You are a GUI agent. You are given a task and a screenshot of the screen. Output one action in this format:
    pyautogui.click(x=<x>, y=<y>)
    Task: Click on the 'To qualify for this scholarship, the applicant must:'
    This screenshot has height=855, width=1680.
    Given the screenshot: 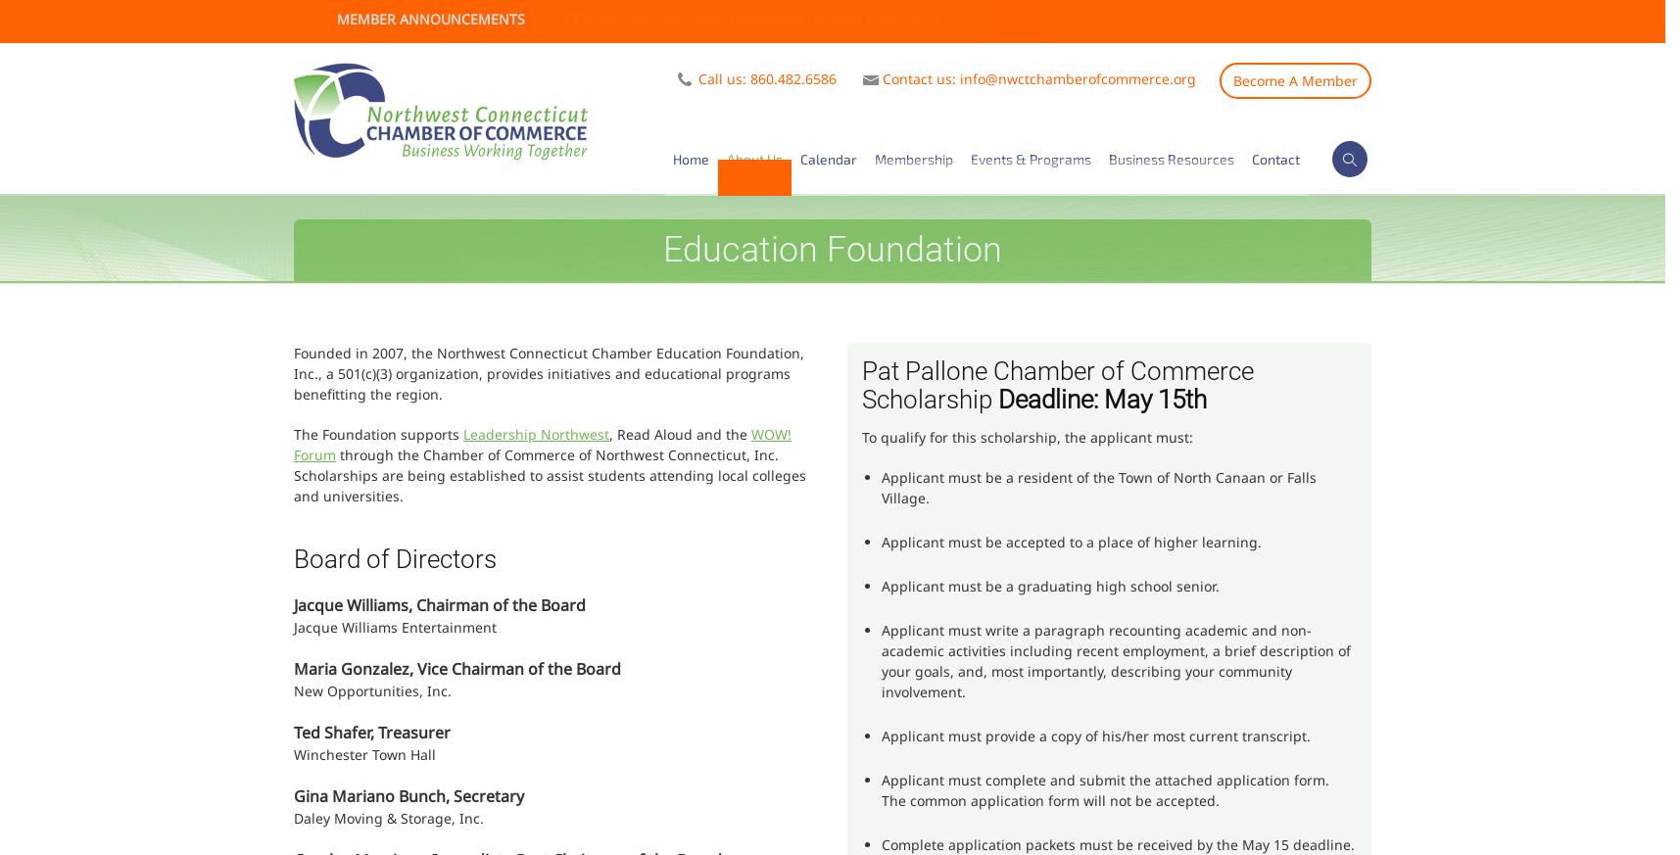 What is the action you would take?
    pyautogui.click(x=1027, y=437)
    